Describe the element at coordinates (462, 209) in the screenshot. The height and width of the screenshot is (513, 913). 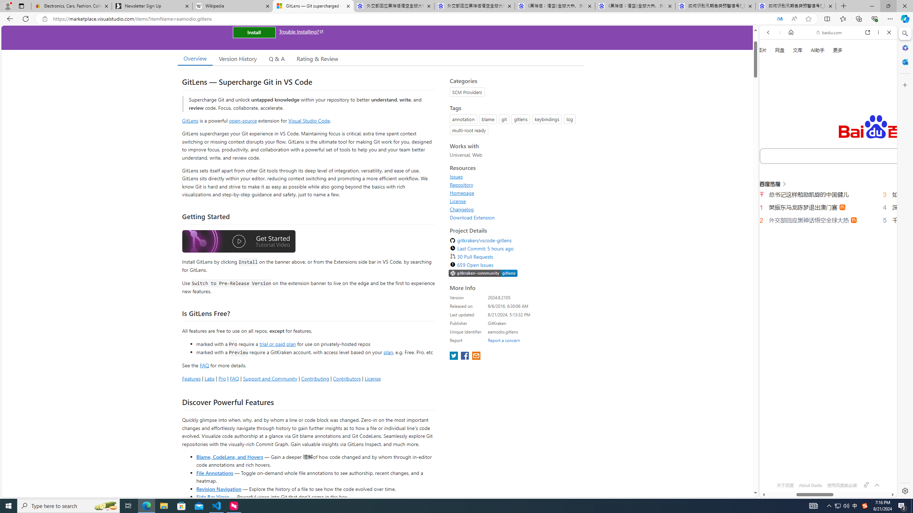
I see `'Changelog'` at that location.